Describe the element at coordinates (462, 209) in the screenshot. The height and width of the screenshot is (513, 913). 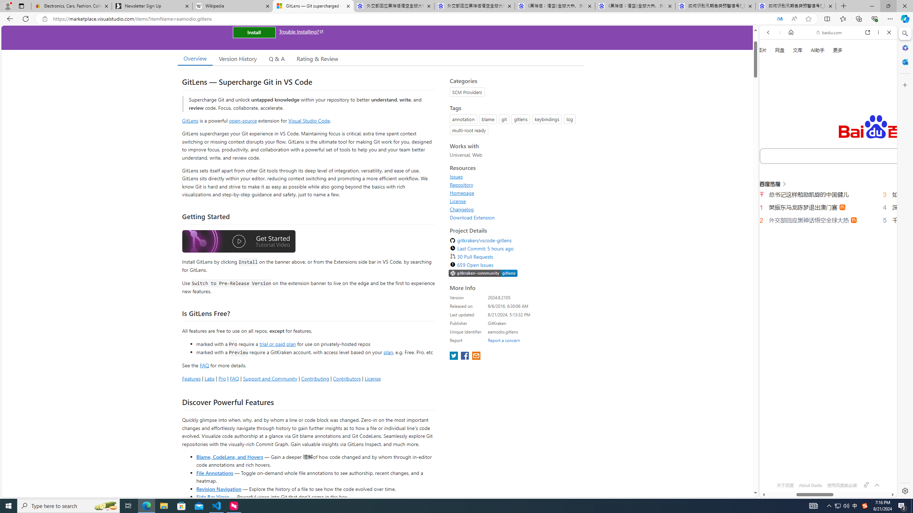
I see `'Changelog'` at that location.